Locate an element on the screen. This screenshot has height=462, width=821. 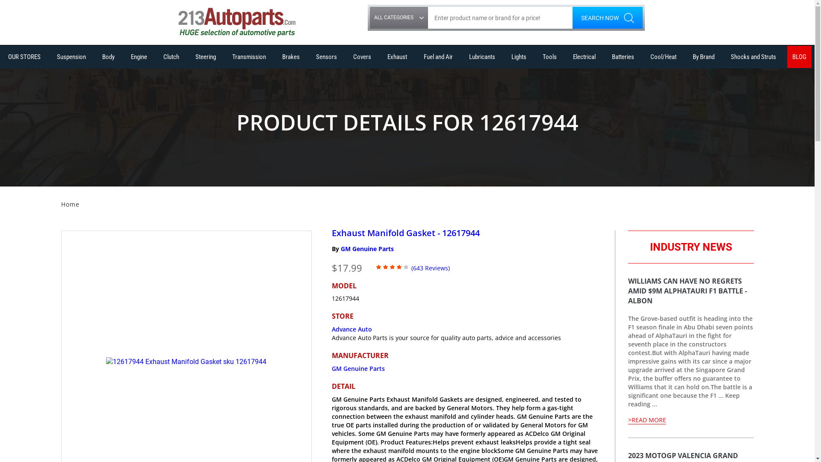
'Lights' is located at coordinates (506, 56).